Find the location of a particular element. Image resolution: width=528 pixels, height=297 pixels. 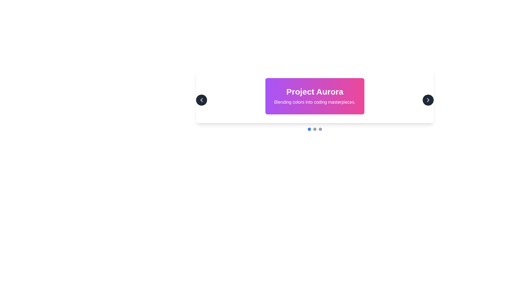

the circular button with a dark gray background and a white left-pointing chevron icon is located at coordinates (201, 100).